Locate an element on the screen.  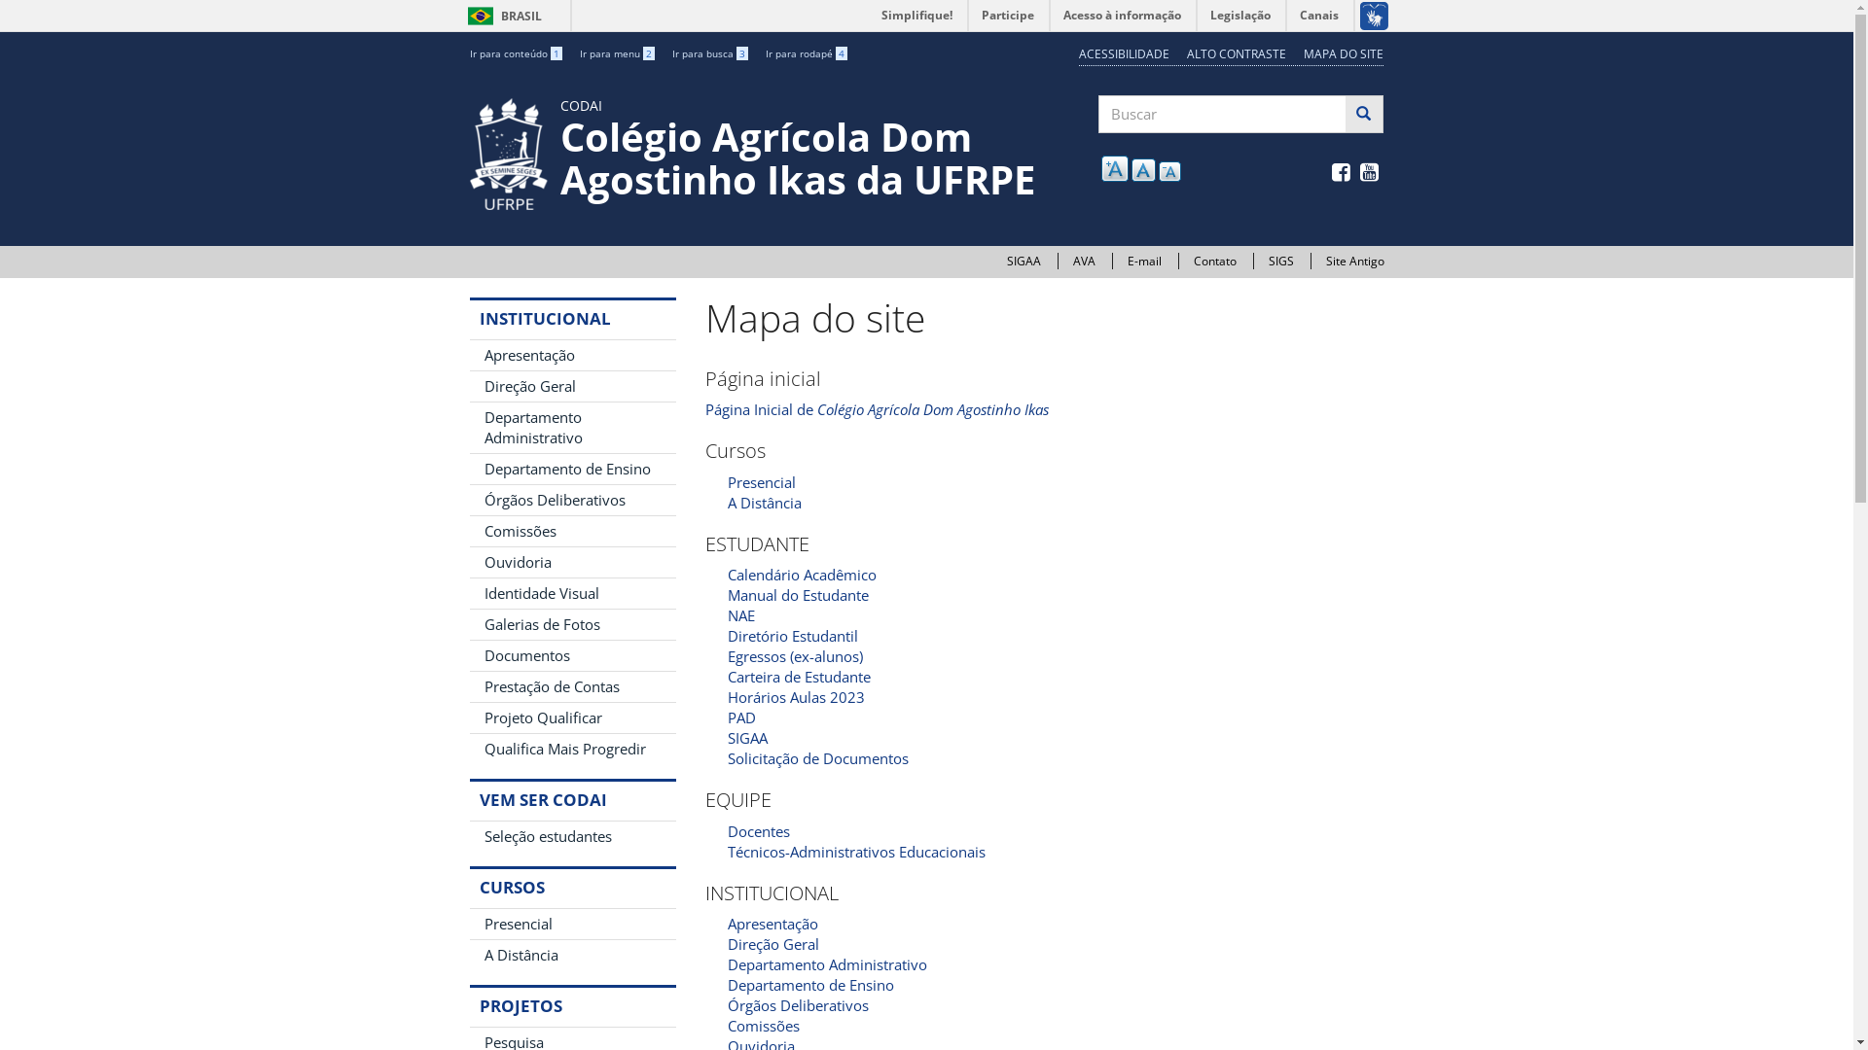
'Carteira de Estudante' is located at coordinates (799, 675).